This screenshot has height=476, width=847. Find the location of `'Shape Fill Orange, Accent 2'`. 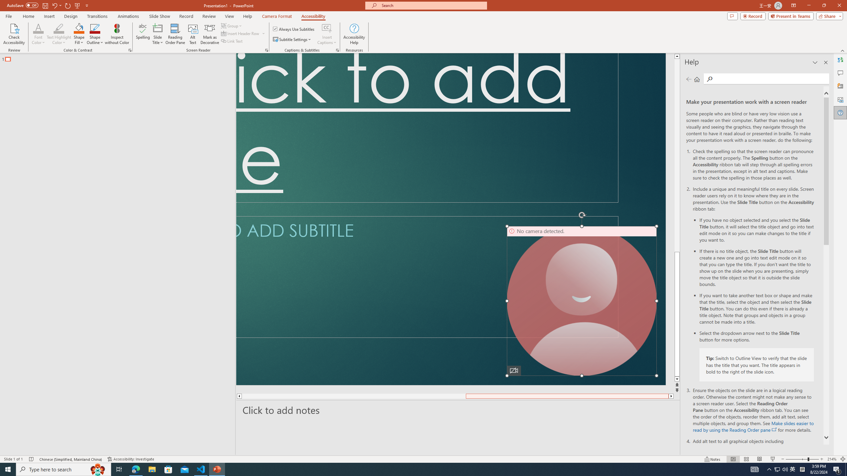

'Shape Fill Orange, Accent 2' is located at coordinates (79, 28).